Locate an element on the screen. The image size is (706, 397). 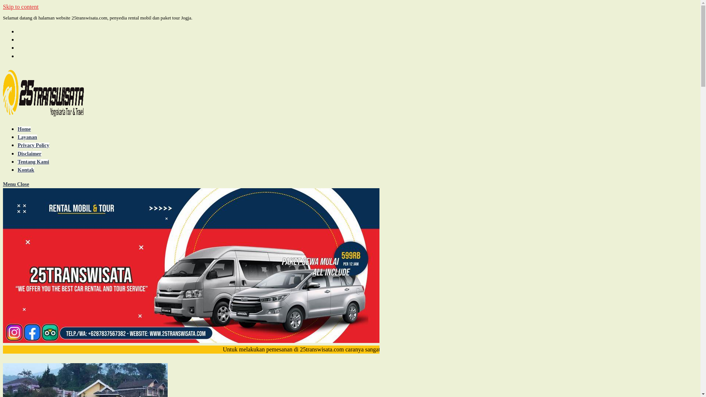
'Layanan' is located at coordinates (27, 137).